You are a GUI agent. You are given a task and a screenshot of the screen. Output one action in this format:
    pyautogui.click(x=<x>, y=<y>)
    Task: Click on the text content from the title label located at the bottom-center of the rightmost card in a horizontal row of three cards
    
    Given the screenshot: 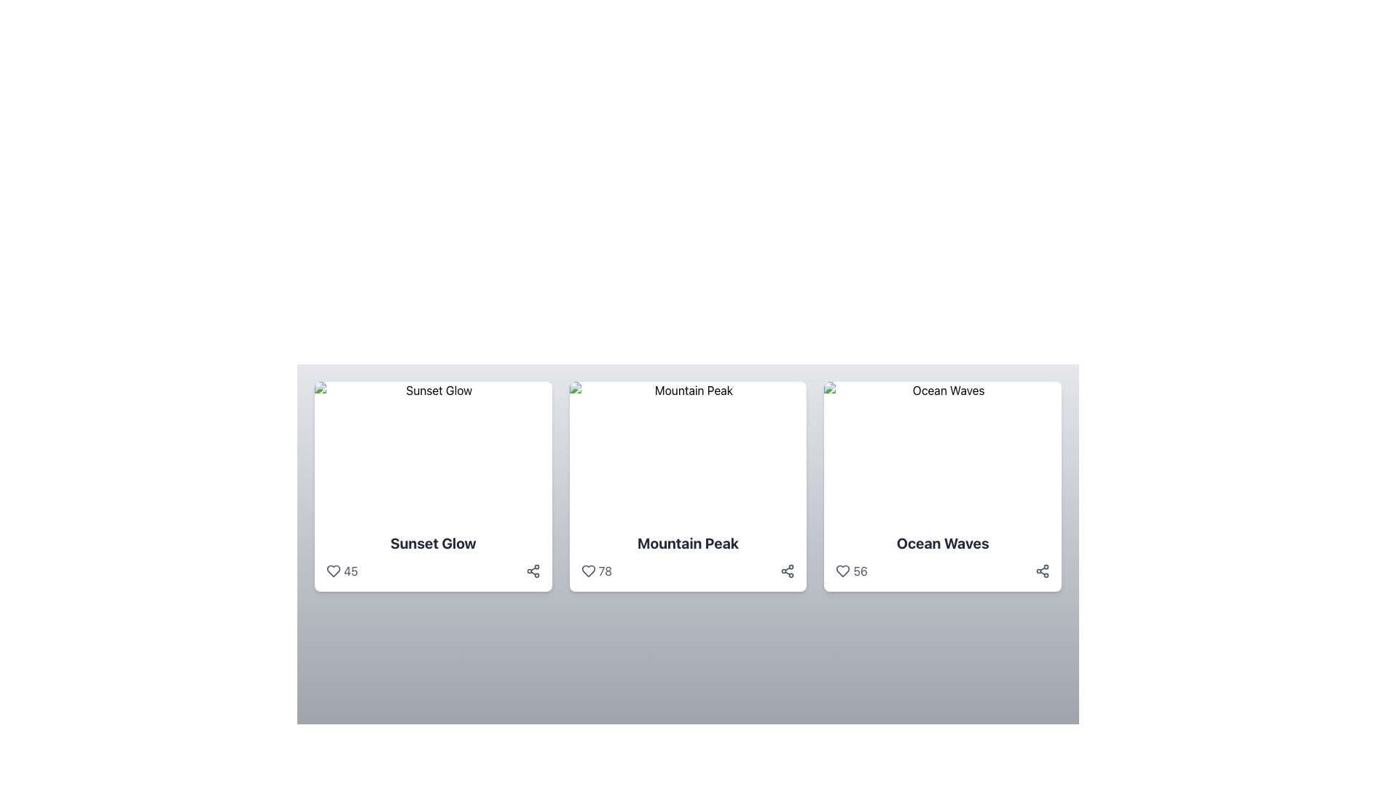 What is the action you would take?
    pyautogui.click(x=943, y=543)
    